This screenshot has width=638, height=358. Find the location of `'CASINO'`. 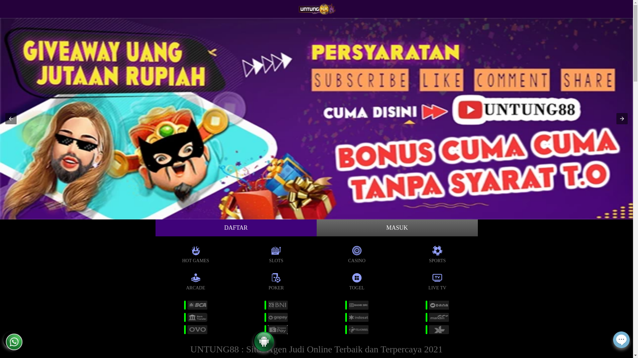

'CASINO' is located at coordinates (357, 253).